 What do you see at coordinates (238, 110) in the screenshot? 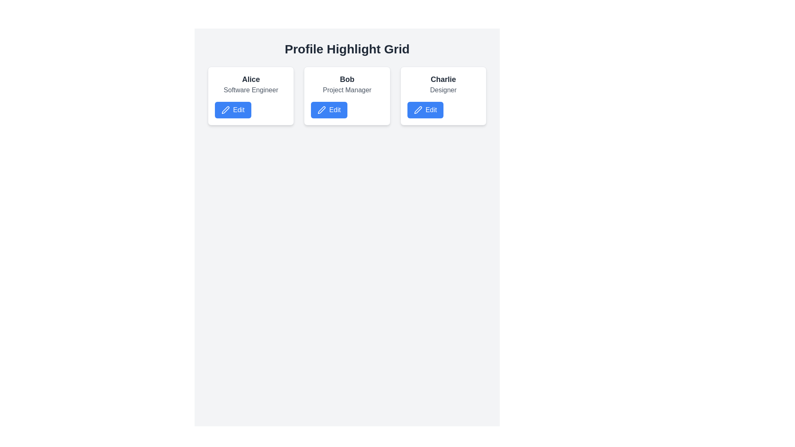
I see `the 'Edit' text label which is styled in white color on a blue rectangular button, located on the card labeled 'Alice'` at bounding box center [238, 110].